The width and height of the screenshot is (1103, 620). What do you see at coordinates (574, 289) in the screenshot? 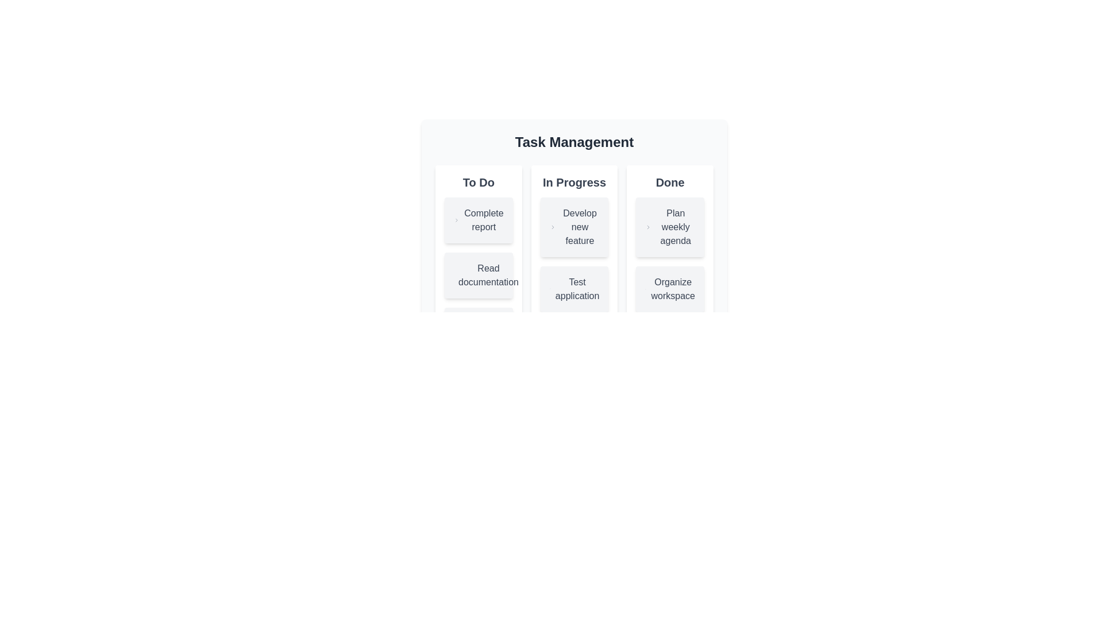
I see `the label displaying 'Test application' in dark gray, located in the 'In Progress' column of the Task Management layout` at bounding box center [574, 289].